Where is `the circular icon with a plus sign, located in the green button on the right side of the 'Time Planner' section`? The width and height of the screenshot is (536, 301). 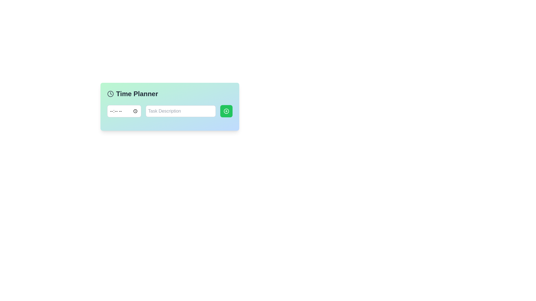
the circular icon with a plus sign, located in the green button on the right side of the 'Time Planner' section is located at coordinates (226, 111).